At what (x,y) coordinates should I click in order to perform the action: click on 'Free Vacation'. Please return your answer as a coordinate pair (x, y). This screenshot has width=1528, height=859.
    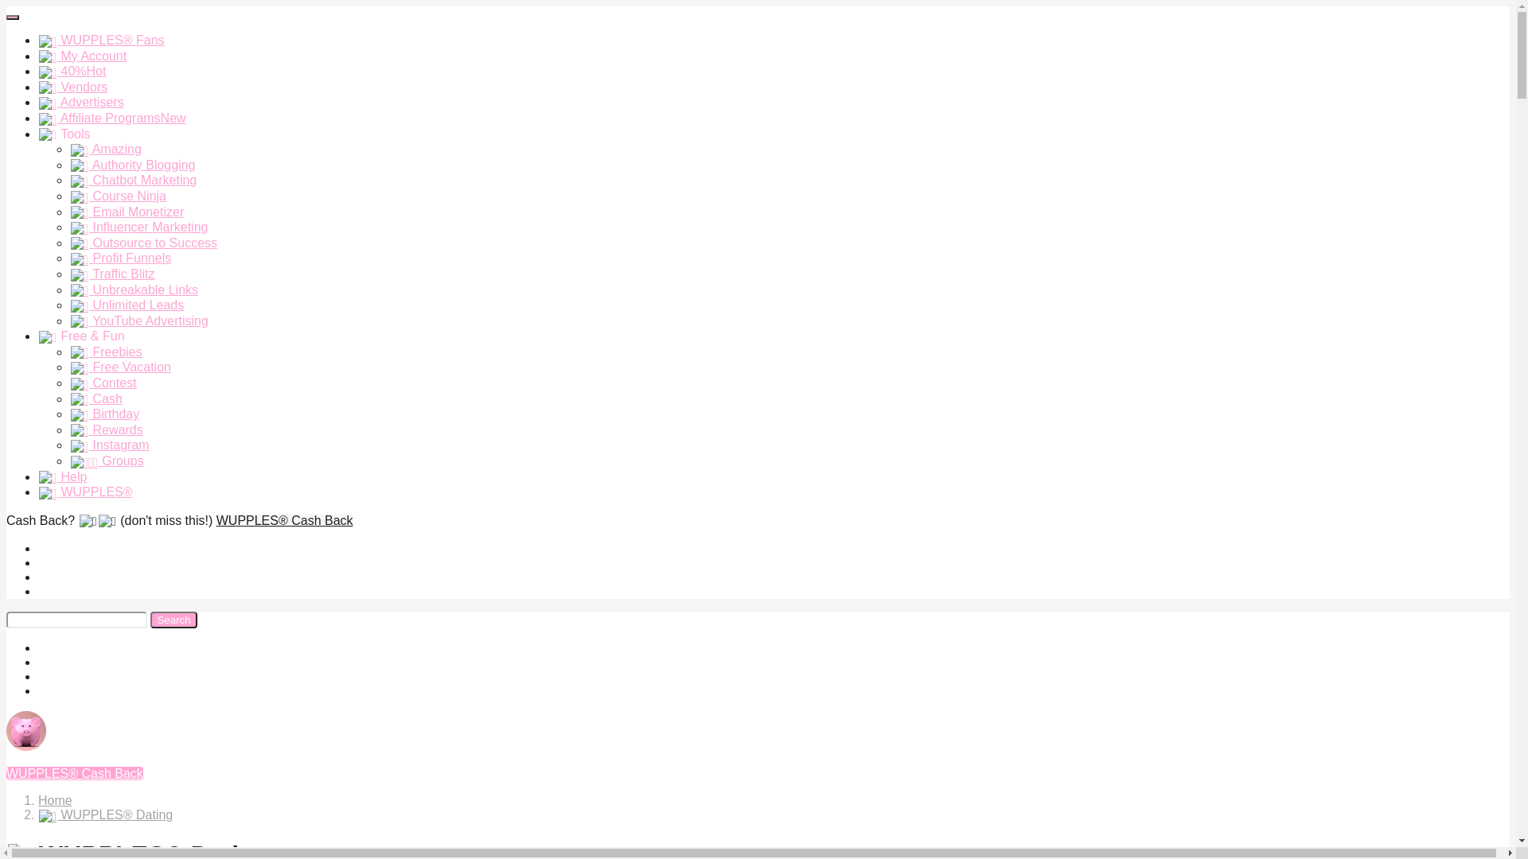
    Looking at the image, I should click on (119, 367).